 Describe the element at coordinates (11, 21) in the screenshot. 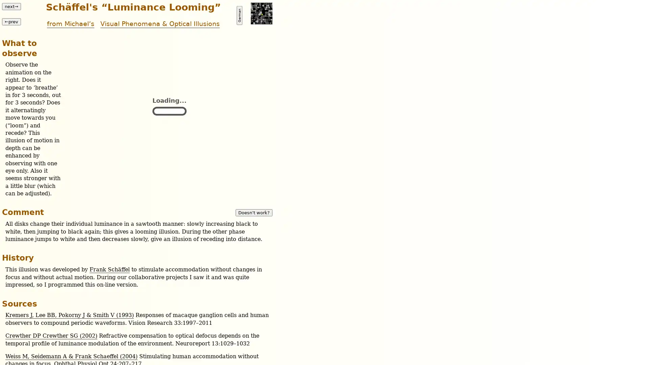

I see `prev` at that location.